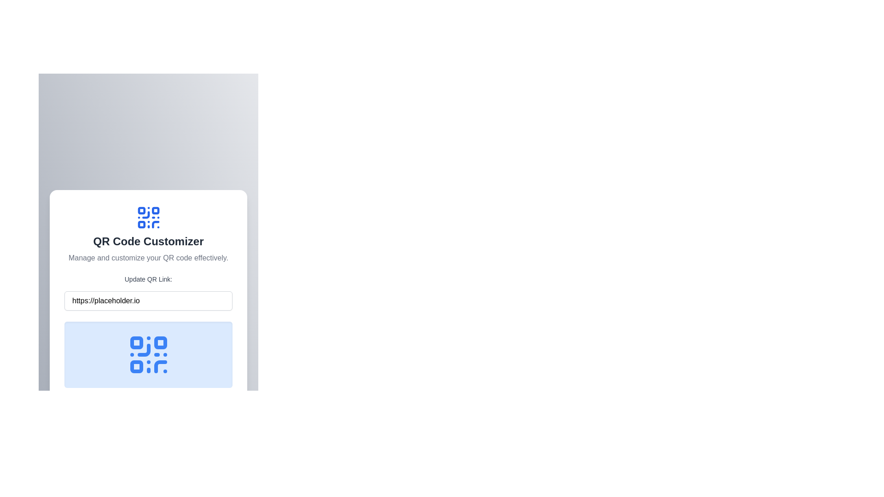 Image resolution: width=884 pixels, height=497 pixels. I want to click on the informational section that introduces the QR Code Customizer feature, located centrally above the 'Update QR Link' input field, so click(148, 234).